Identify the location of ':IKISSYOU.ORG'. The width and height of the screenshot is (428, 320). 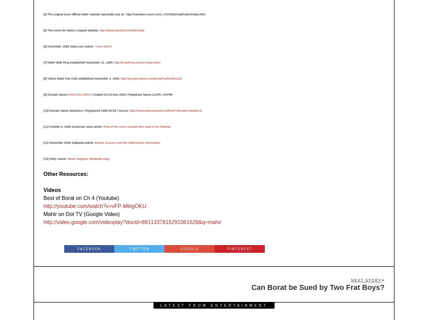
(78, 94).